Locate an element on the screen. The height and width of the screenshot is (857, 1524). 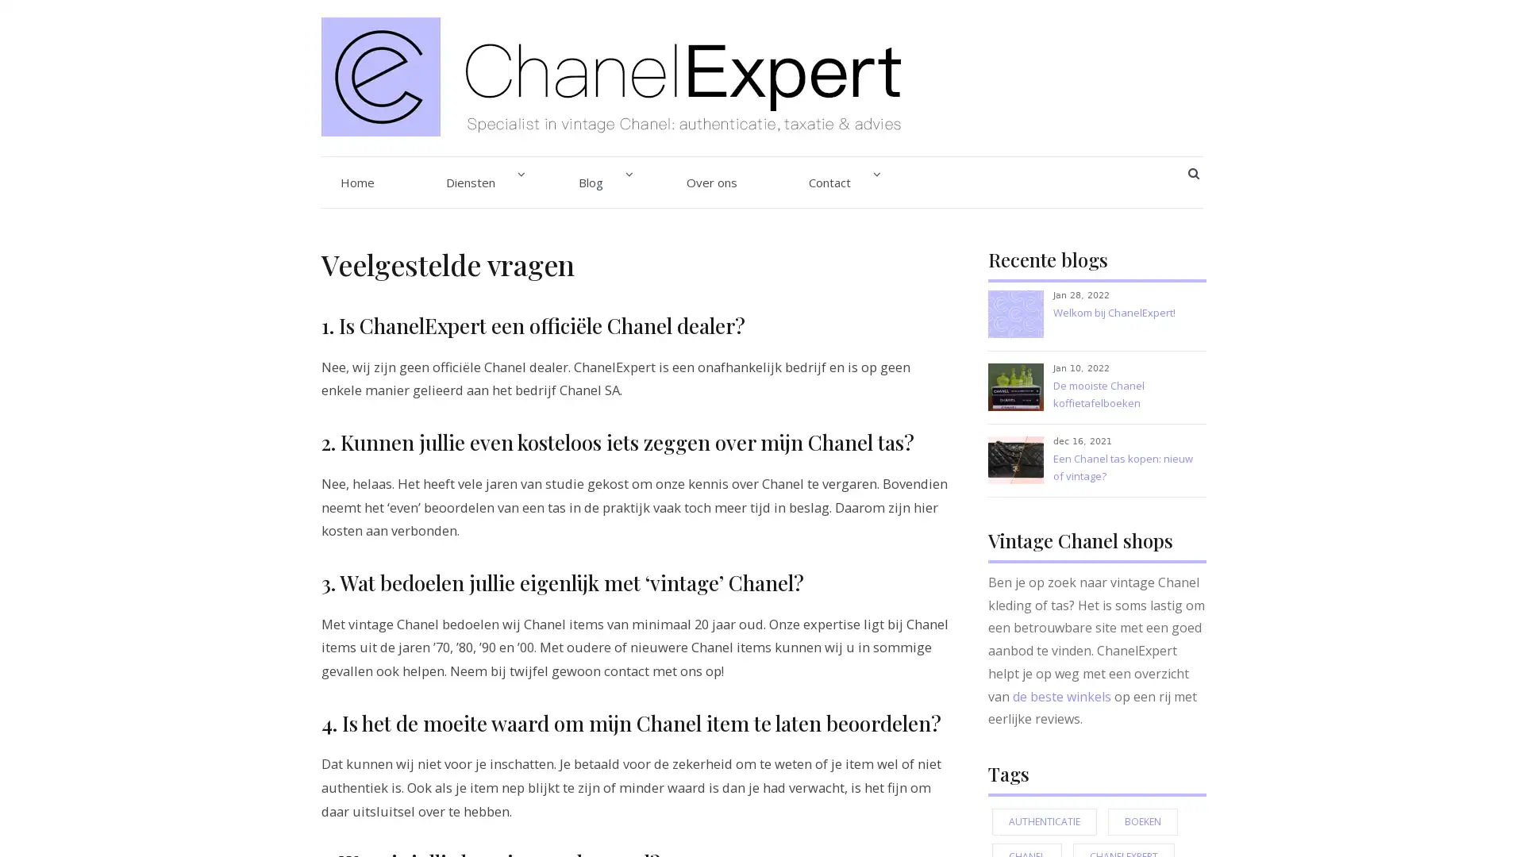
SEARCH BUTTON is located at coordinates (1194, 173).